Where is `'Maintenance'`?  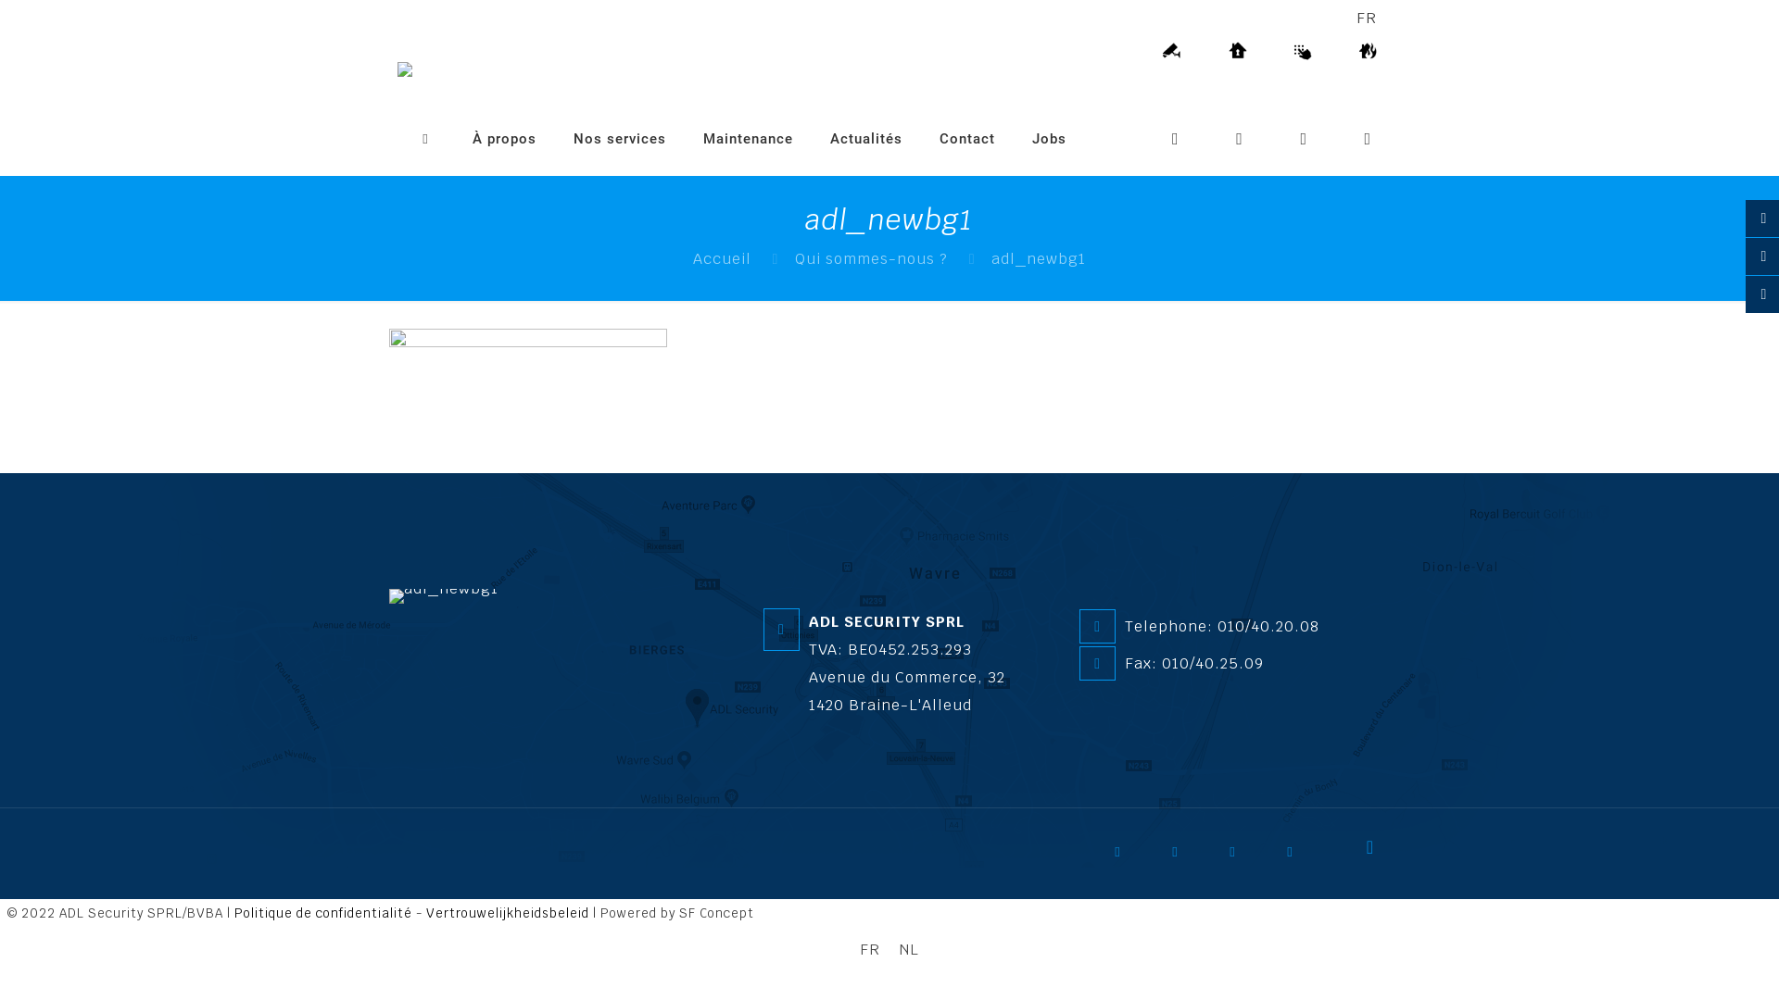
'Maintenance' is located at coordinates (748, 138).